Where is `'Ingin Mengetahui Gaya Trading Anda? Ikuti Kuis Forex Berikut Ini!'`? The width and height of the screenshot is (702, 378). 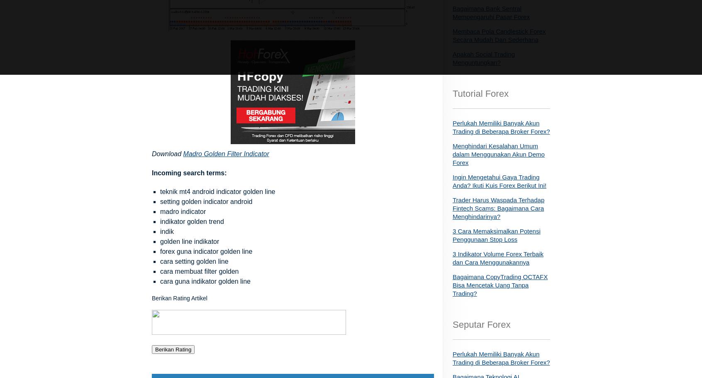 'Ingin Mengetahui Gaya Trading Anda? Ikuti Kuis Forex Berikut Ini!' is located at coordinates (499, 181).